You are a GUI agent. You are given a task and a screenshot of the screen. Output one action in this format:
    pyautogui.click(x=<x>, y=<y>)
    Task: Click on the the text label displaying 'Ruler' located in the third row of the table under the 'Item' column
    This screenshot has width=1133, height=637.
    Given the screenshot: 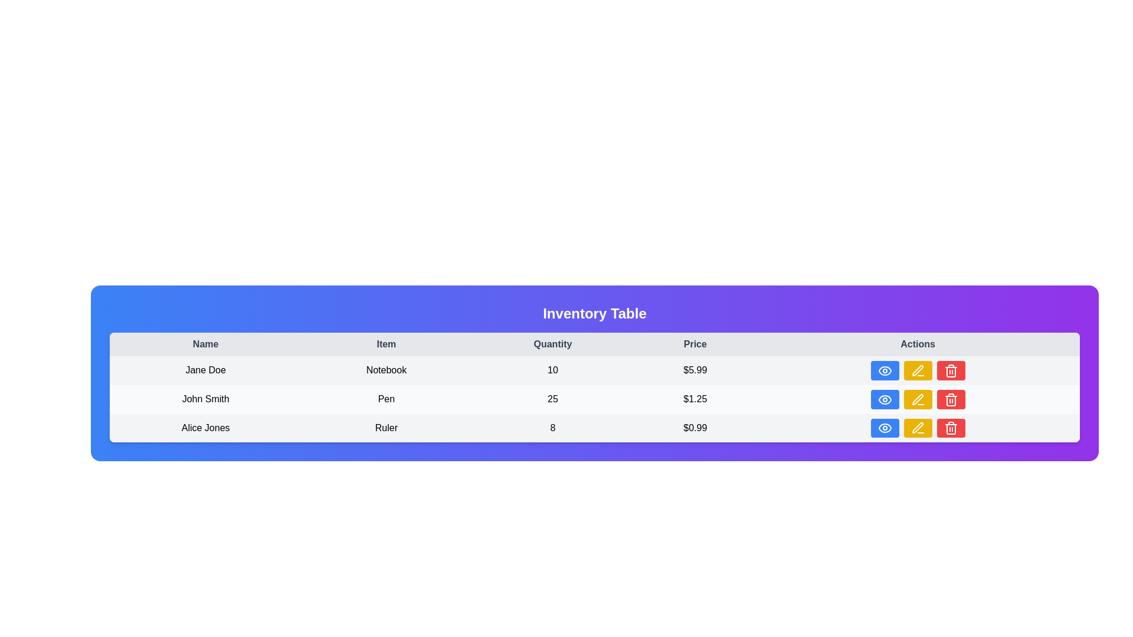 What is the action you would take?
    pyautogui.click(x=386, y=428)
    